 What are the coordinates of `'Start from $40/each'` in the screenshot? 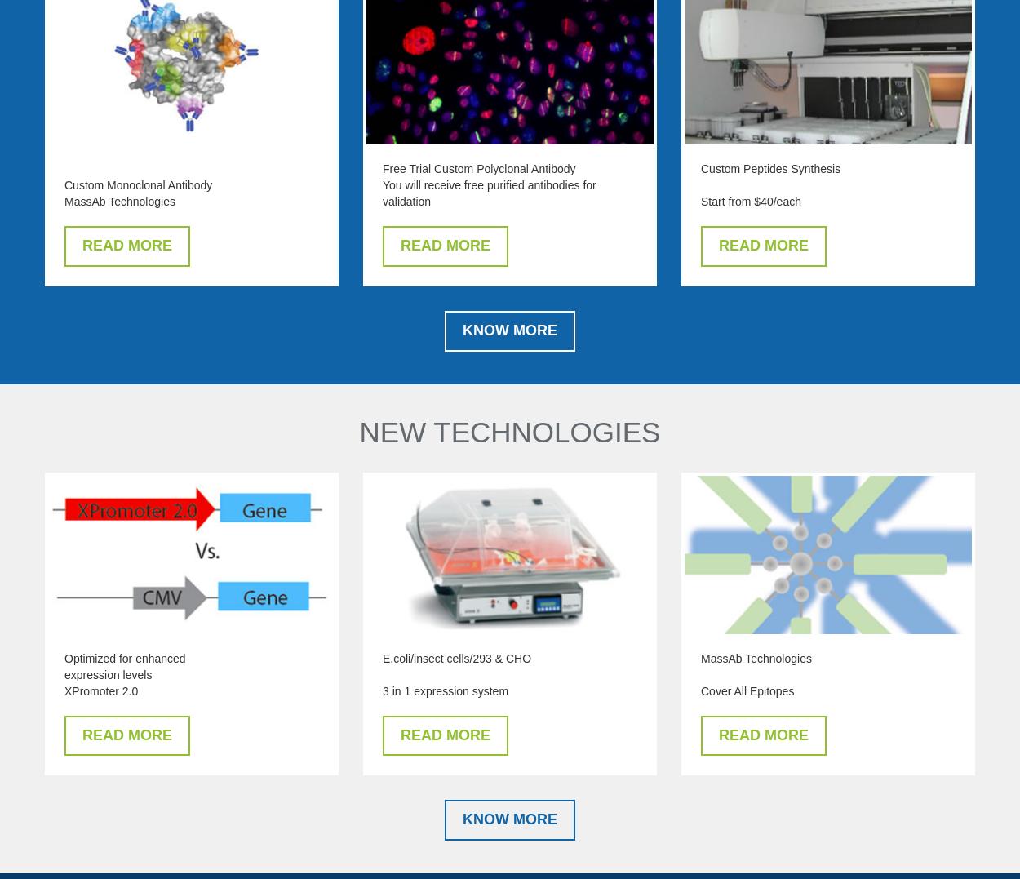 It's located at (751, 201).